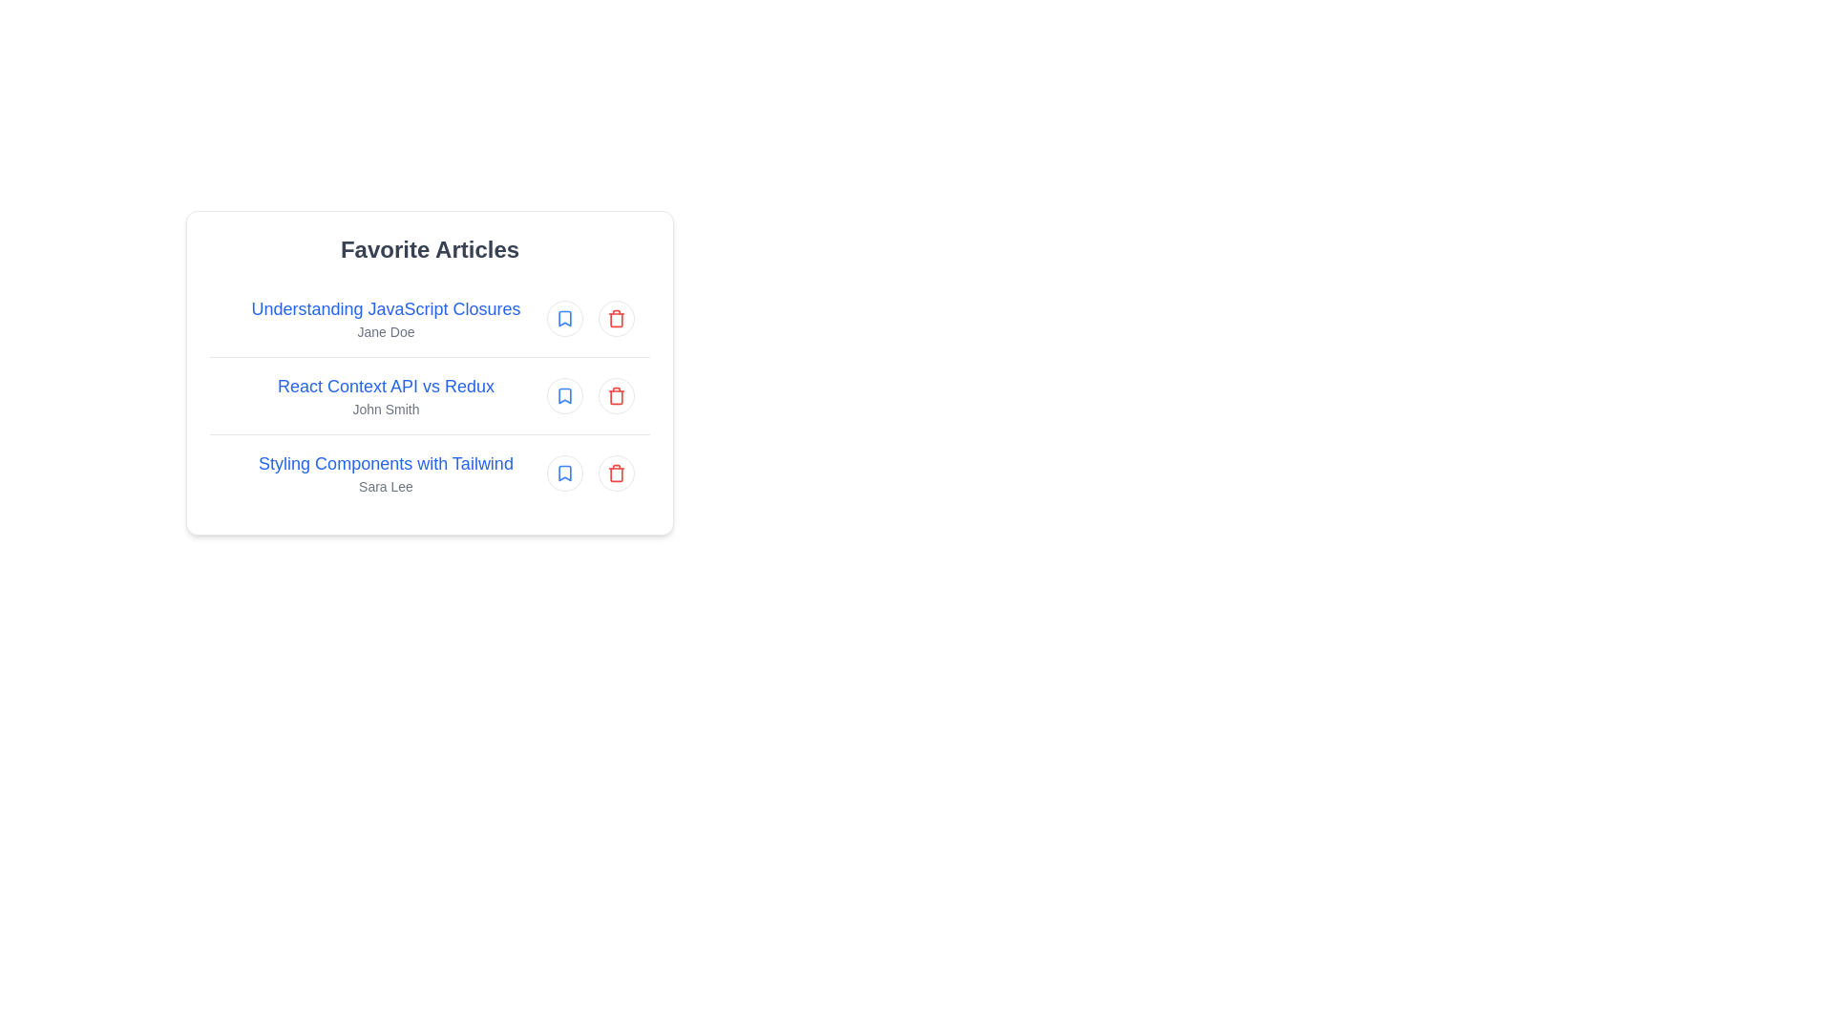 The width and height of the screenshot is (1833, 1031). I want to click on the article title Styling Components with Tailwind to read more, so click(385, 464).